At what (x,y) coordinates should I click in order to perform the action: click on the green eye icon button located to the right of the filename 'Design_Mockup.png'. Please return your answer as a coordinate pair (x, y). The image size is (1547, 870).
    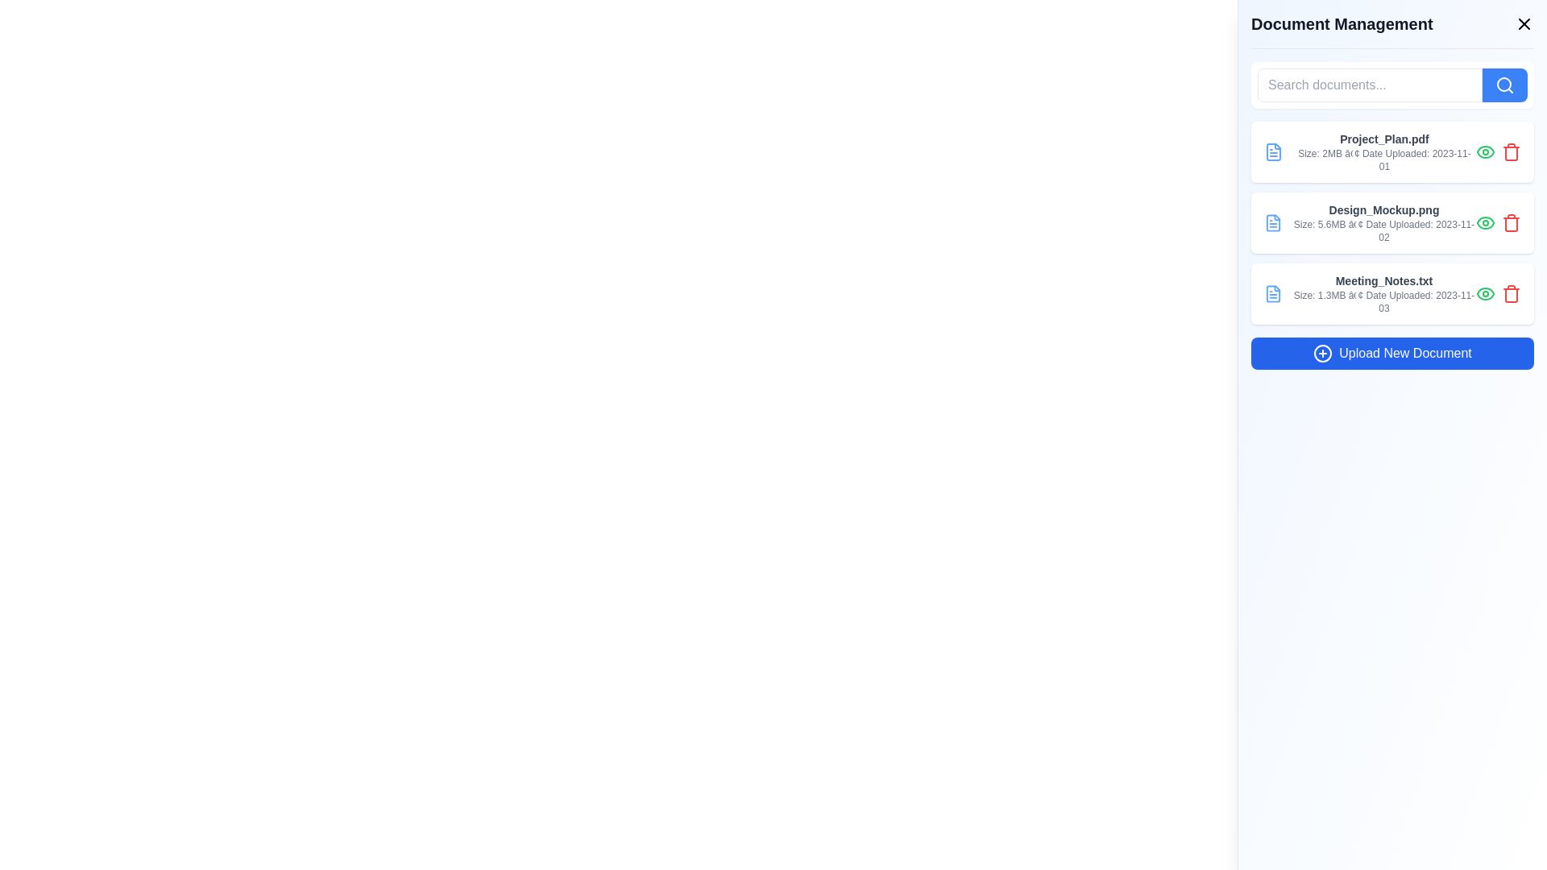
    Looking at the image, I should click on (1484, 223).